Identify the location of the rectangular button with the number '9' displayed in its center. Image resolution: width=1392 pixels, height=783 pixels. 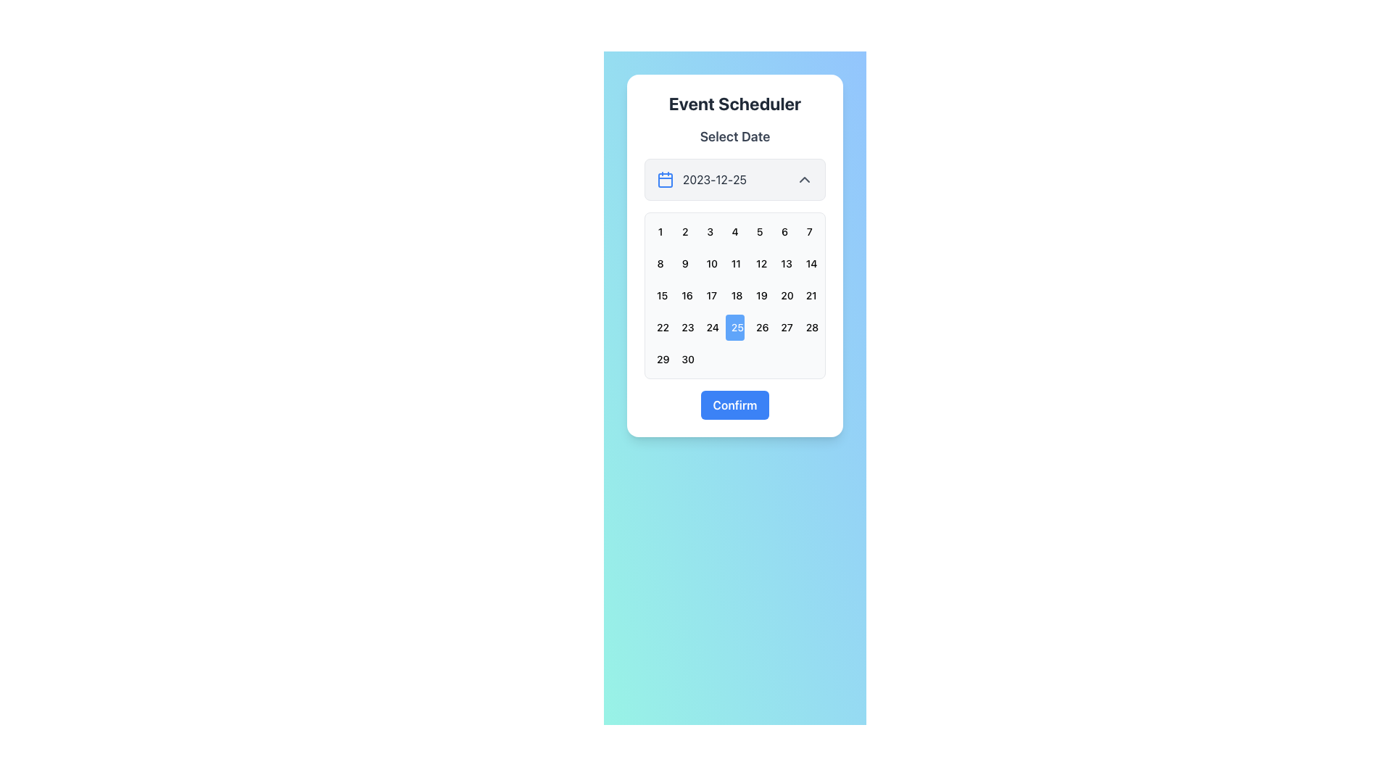
(684, 263).